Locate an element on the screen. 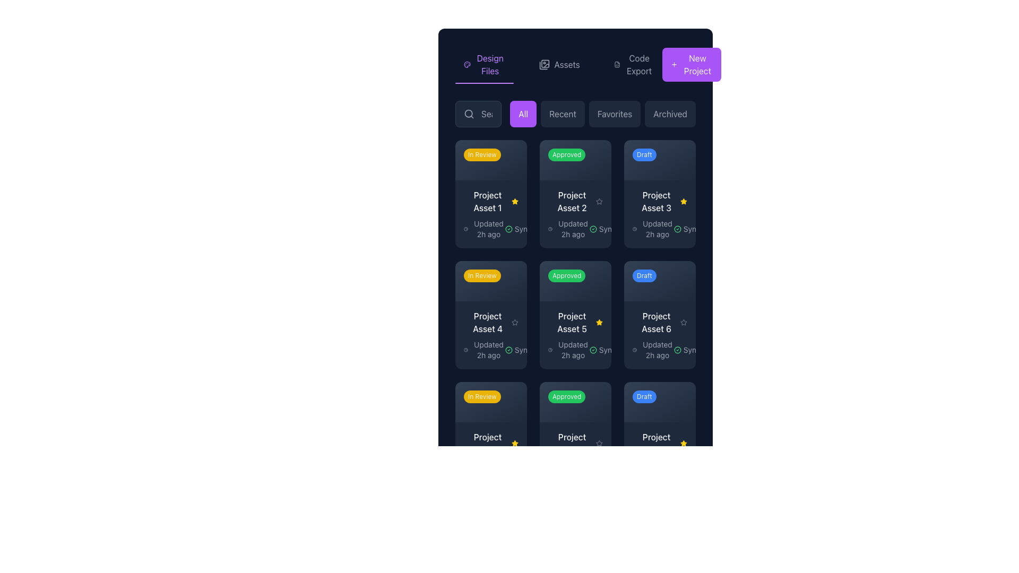 Image resolution: width=1019 pixels, height=573 pixels. the 'Synced' label with a green checkmark icon, located in the bottom of the third card in the second row of the grid layout, next to the 'Updated 2h ago' text is located at coordinates (691, 350).